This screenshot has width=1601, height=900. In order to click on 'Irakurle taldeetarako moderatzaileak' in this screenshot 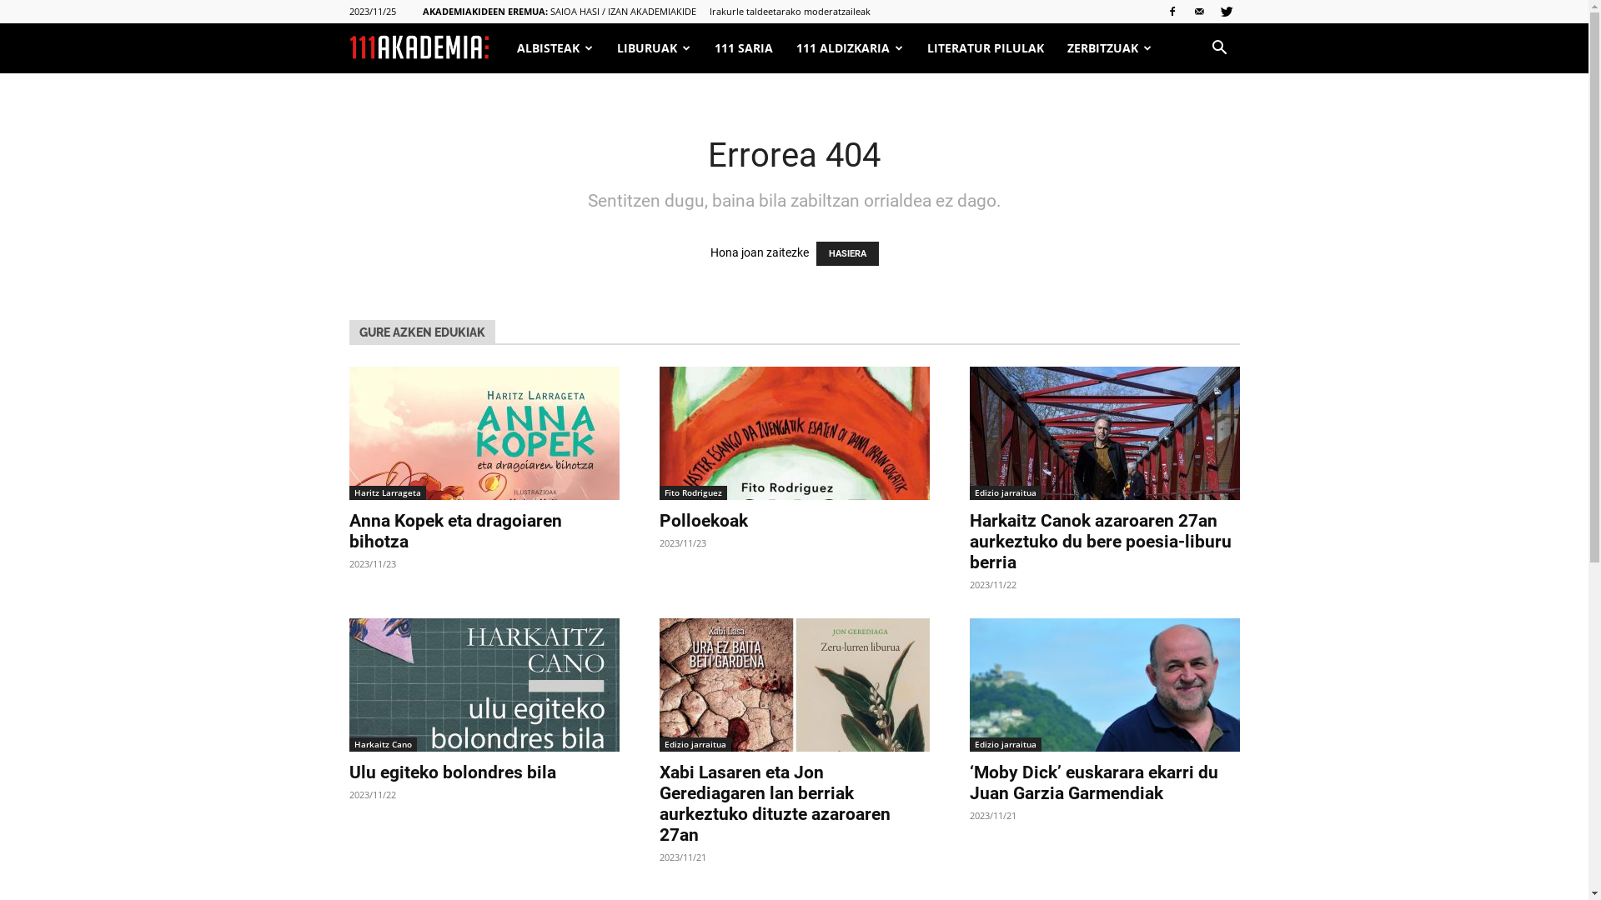, I will do `click(788, 11)`.